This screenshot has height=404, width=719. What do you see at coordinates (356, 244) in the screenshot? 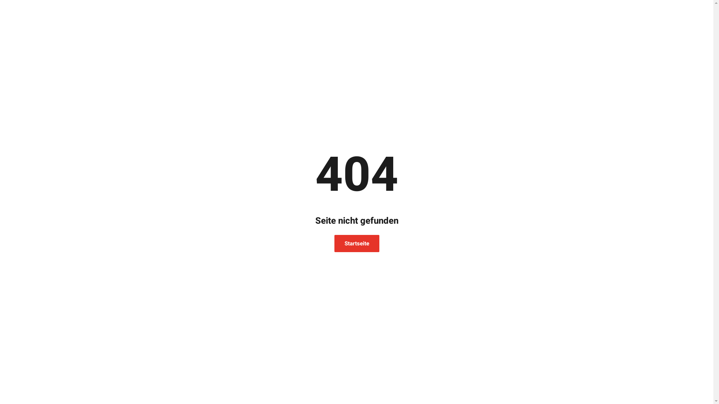
I see `'Startseite'` at bounding box center [356, 244].